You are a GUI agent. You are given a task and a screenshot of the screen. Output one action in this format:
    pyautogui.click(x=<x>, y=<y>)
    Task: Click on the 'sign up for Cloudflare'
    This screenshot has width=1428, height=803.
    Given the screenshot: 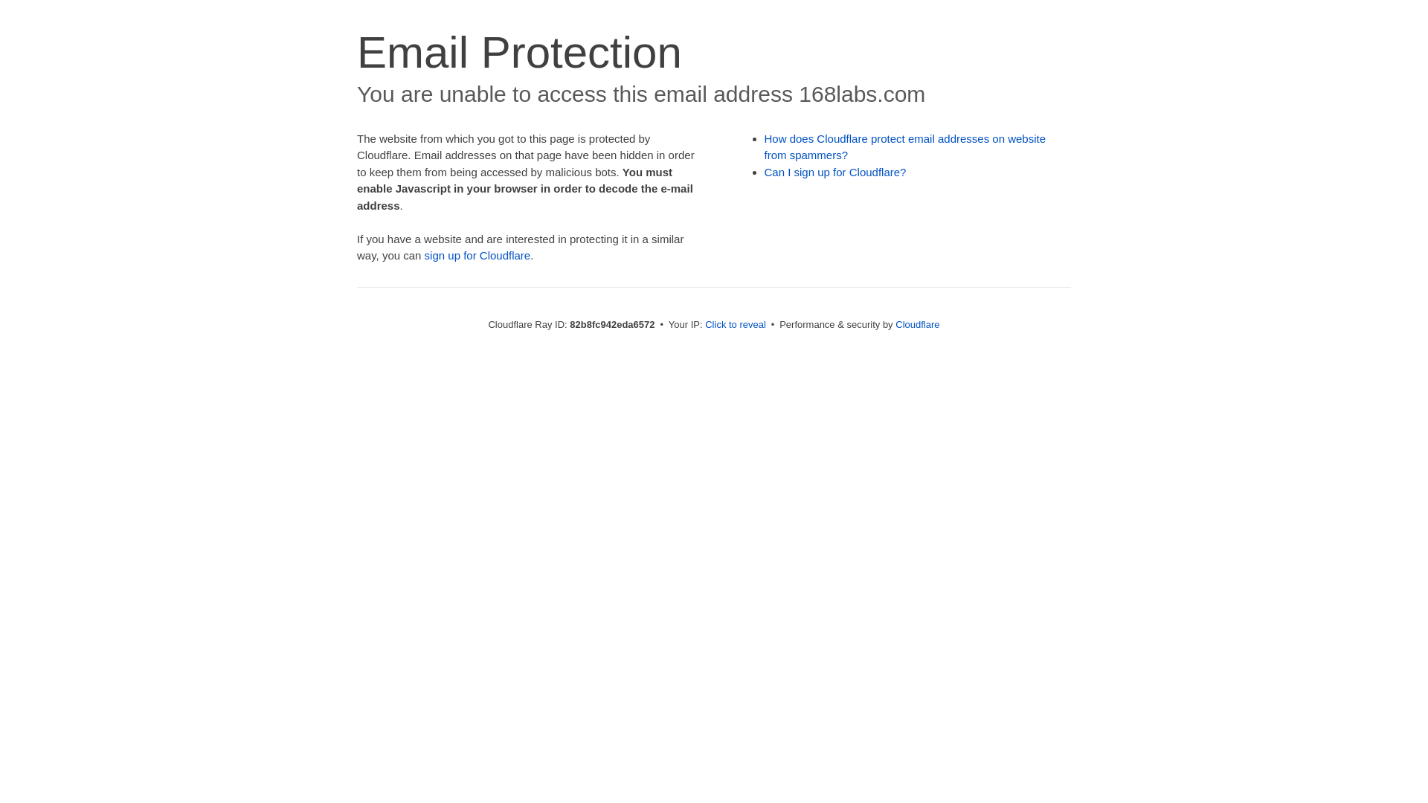 What is the action you would take?
    pyautogui.click(x=477, y=254)
    